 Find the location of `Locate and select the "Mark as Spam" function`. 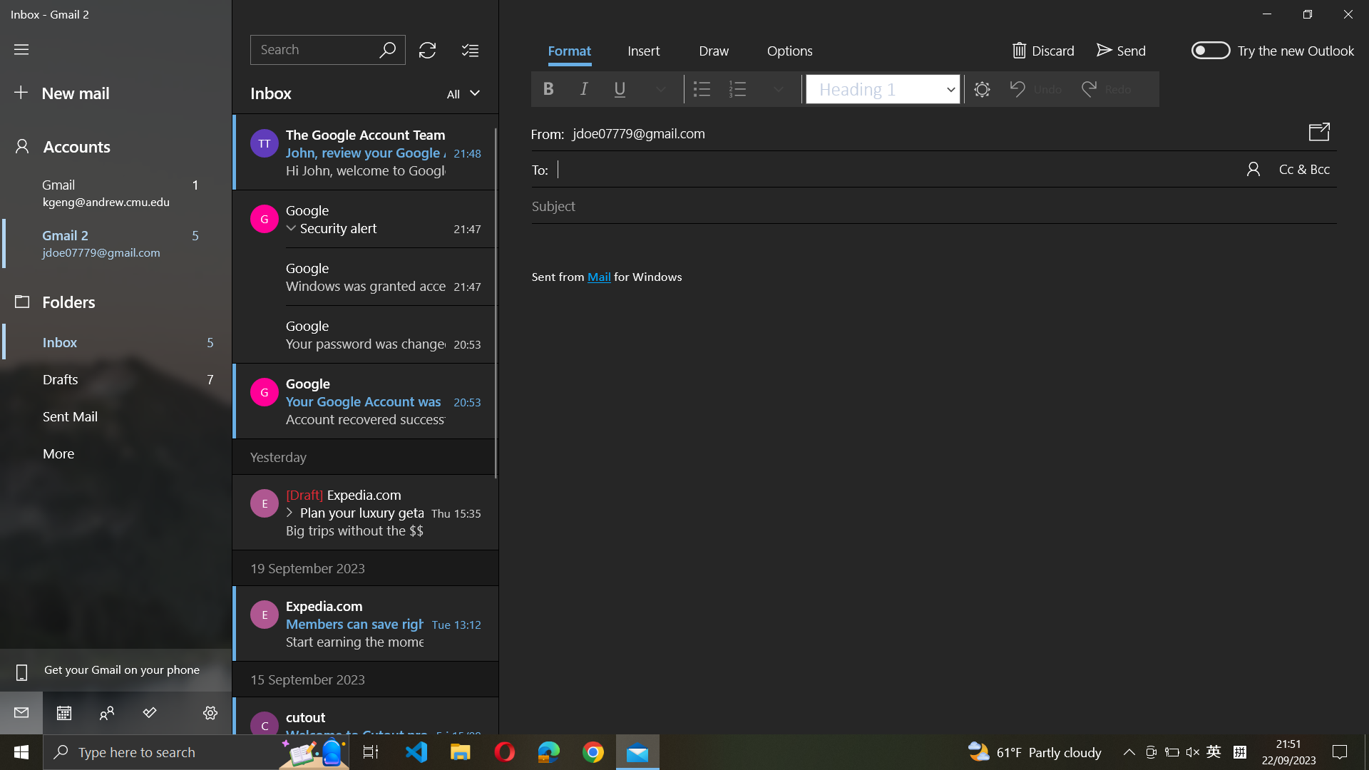

Locate and select the "Mark as Spam" function is located at coordinates (789, 52).